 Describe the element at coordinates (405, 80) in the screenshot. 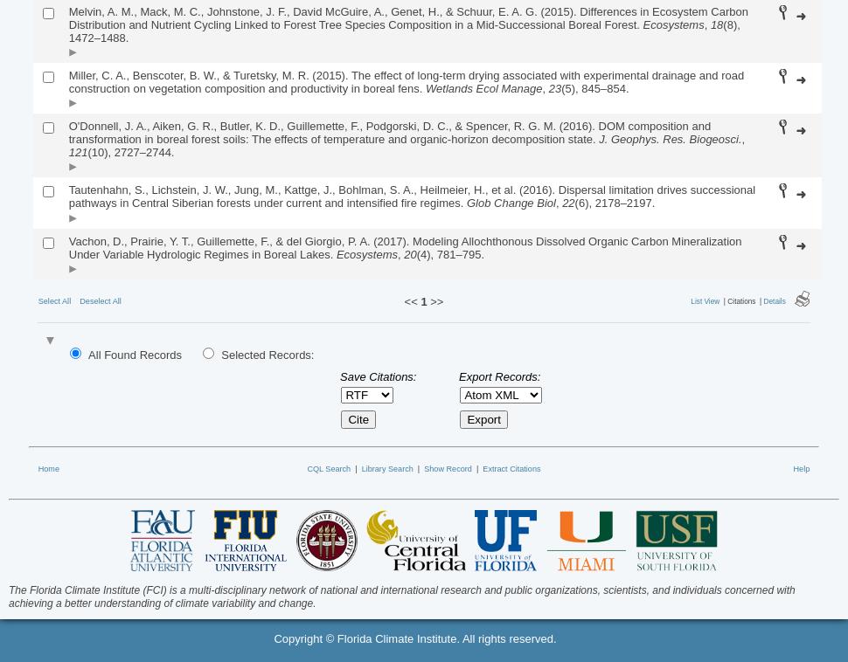

I see `'Miller, C. A., Benscoter, B. W., & Turetsky, M. R. (2015). The effect of long-term drying associated with experimental drainage and road construction on vegetation composition and productivity in boreal fens.'` at that location.